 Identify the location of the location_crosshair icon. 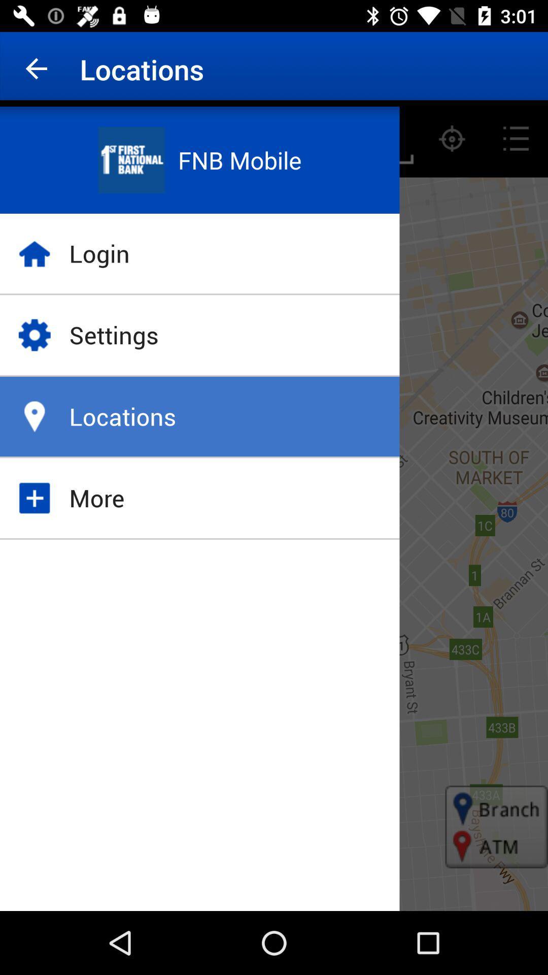
(452, 138).